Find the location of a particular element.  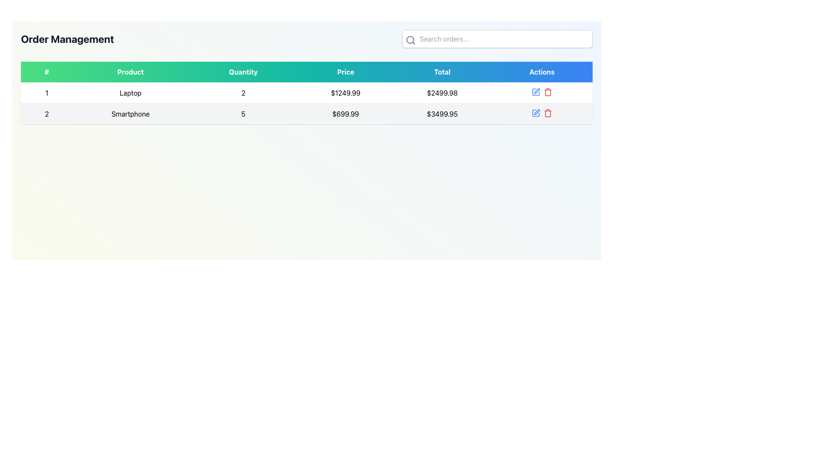

the Text Display showing the price '$3499.95' in bold black font located in the 'Total' column of the second row in the 'Order Management' interface is located at coordinates (442, 113).